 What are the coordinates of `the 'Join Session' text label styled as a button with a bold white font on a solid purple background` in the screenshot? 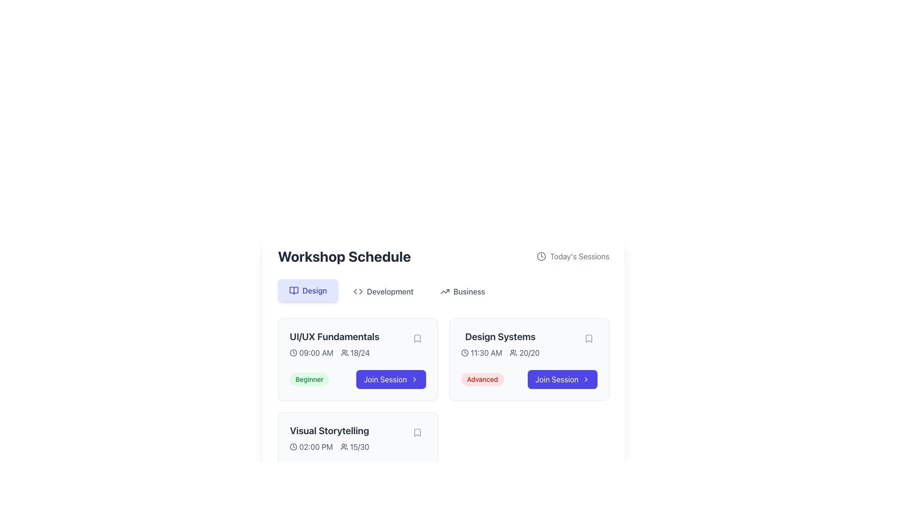 It's located at (385, 379).